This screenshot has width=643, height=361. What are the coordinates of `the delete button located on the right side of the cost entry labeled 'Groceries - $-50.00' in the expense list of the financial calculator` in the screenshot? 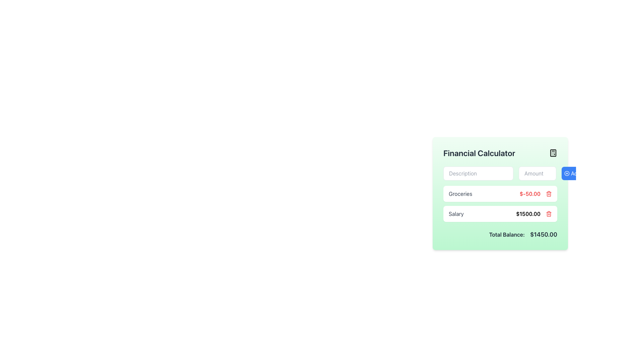 It's located at (549, 194).